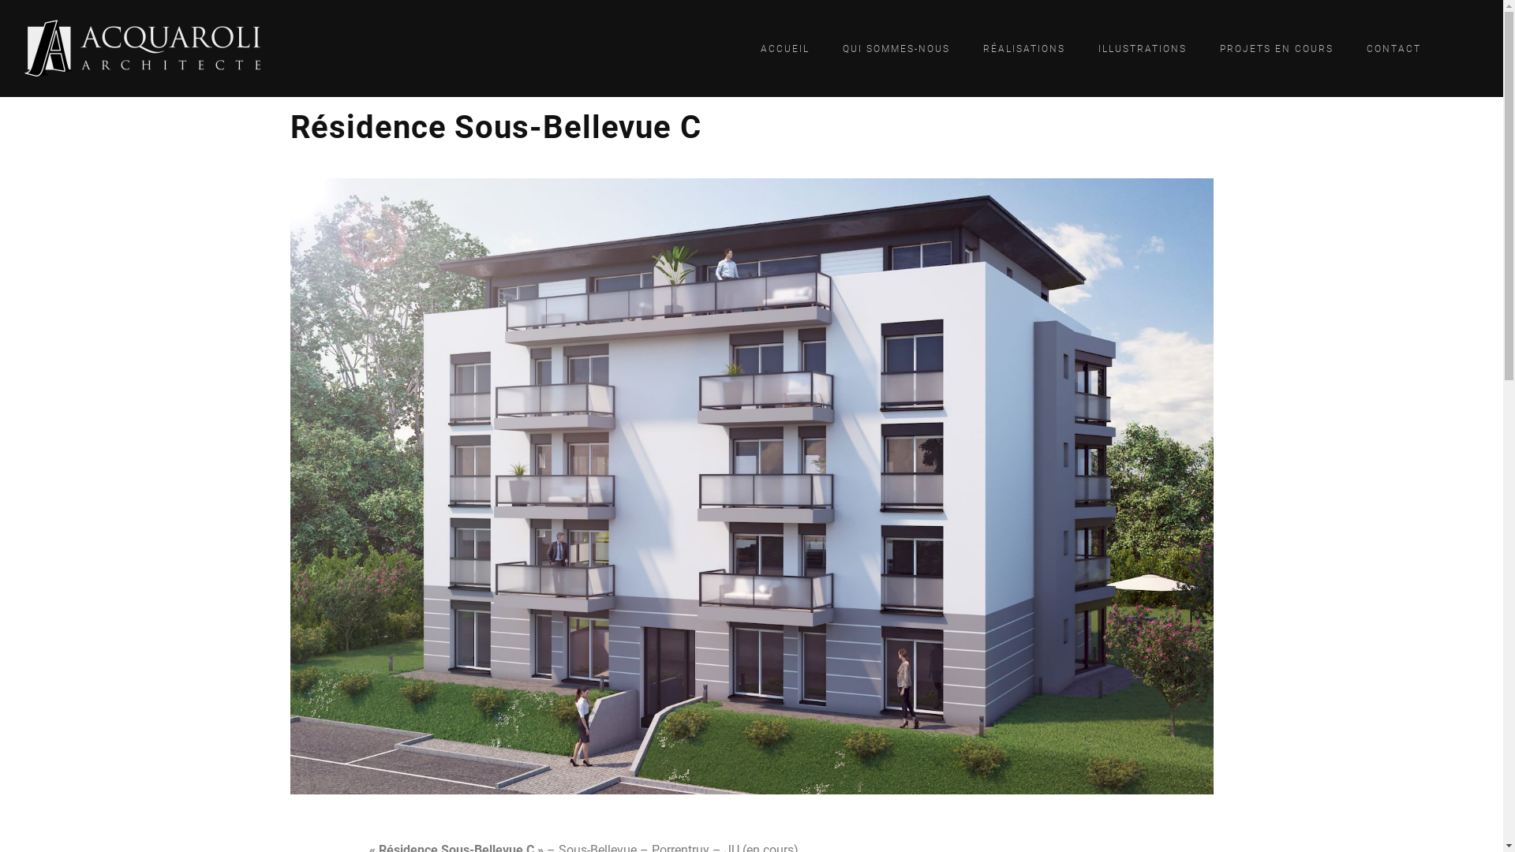  What do you see at coordinates (1354, 47) in the screenshot?
I see `'CONTACT'` at bounding box center [1354, 47].